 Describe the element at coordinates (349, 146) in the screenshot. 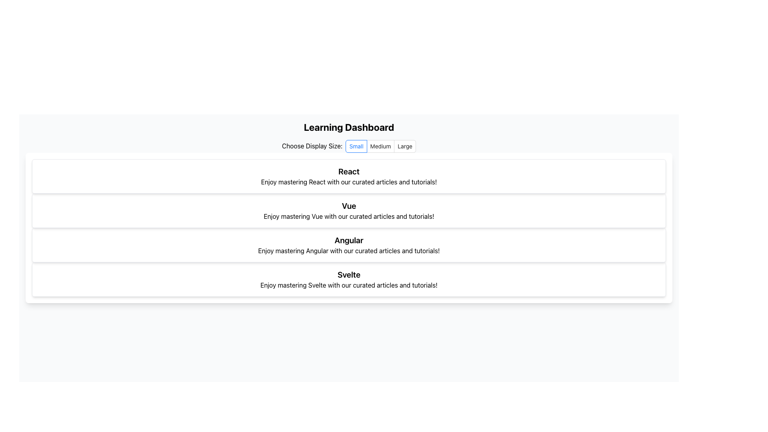

I see `the 'Small' radio button in the radio button group labeled 'Choose Display Size:'` at that location.